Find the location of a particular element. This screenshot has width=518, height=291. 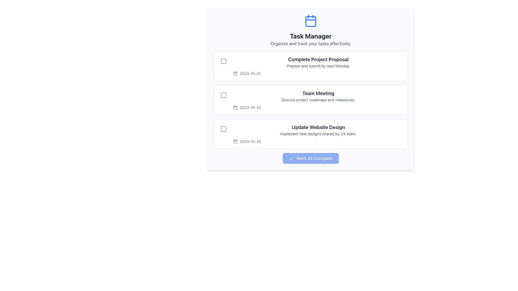

the 'Task Manager' text label, which is prominently displayed in bold and large font in dark gray, located in the header area beneath a calendar icon is located at coordinates (311, 36).